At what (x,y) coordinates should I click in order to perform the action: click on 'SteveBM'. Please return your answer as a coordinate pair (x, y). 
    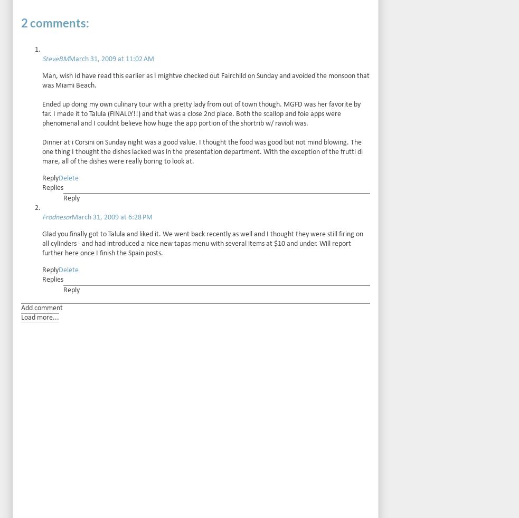
    Looking at the image, I should click on (42, 58).